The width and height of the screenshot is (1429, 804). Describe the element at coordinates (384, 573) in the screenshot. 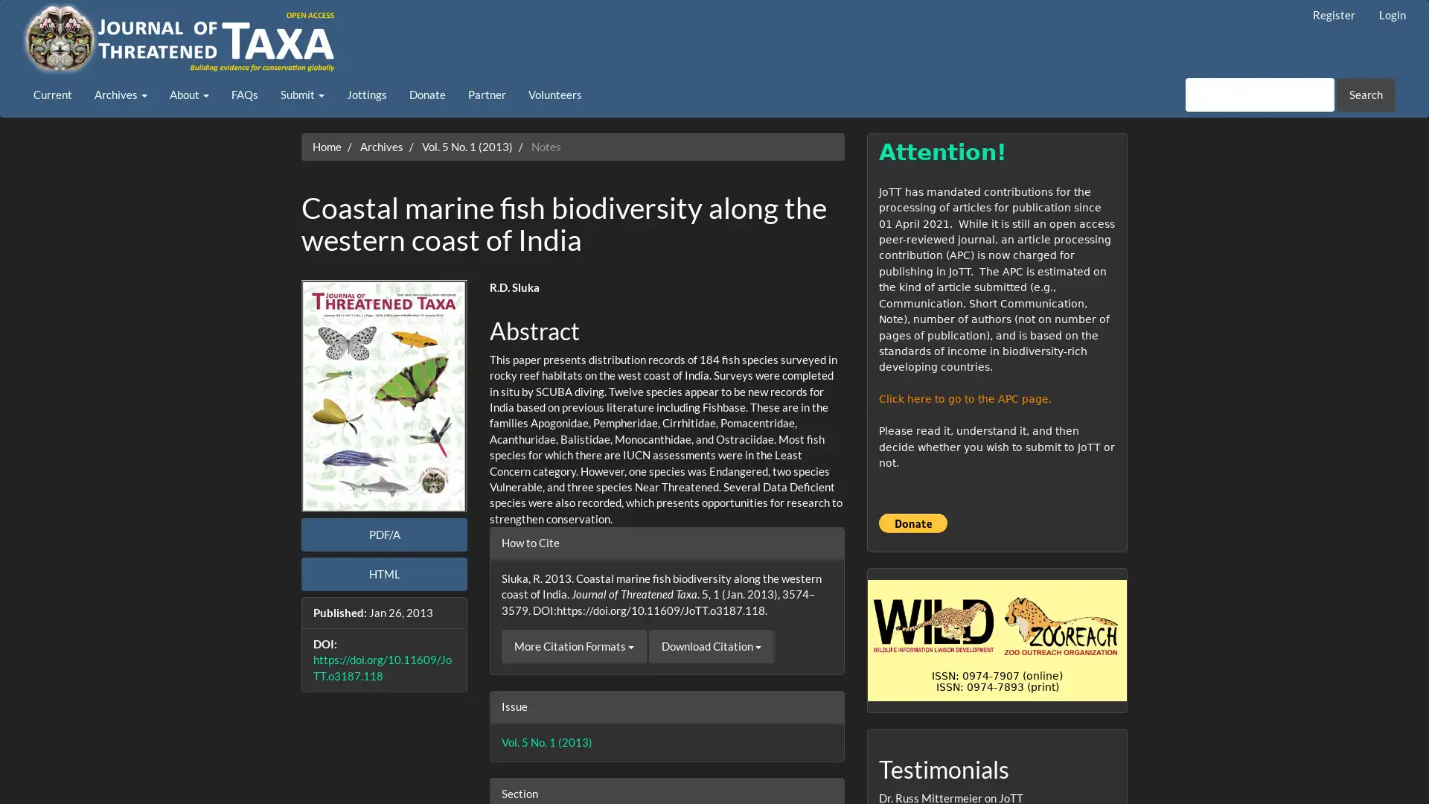

I see `HTML` at that location.